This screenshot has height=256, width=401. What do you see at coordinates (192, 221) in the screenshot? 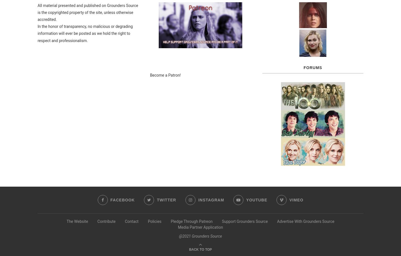
I see `'Pledge Through Patreon'` at bounding box center [192, 221].